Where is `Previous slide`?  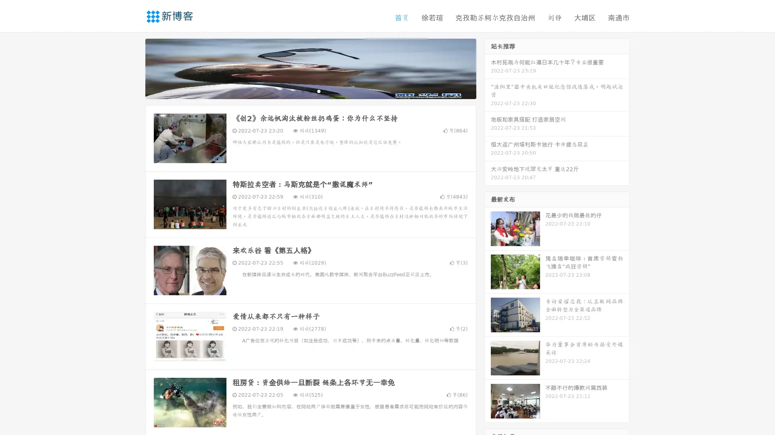
Previous slide is located at coordinates (133, 68).